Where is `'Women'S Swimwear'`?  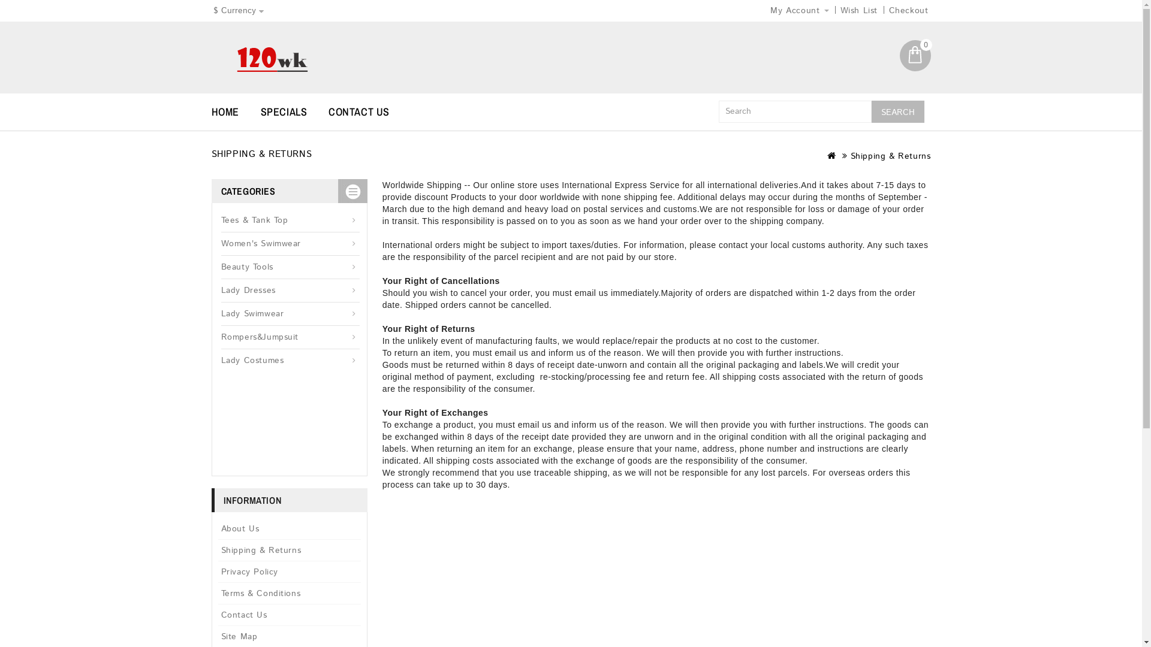 'Women'S Swimwear' is located at coordinates (290, 243).